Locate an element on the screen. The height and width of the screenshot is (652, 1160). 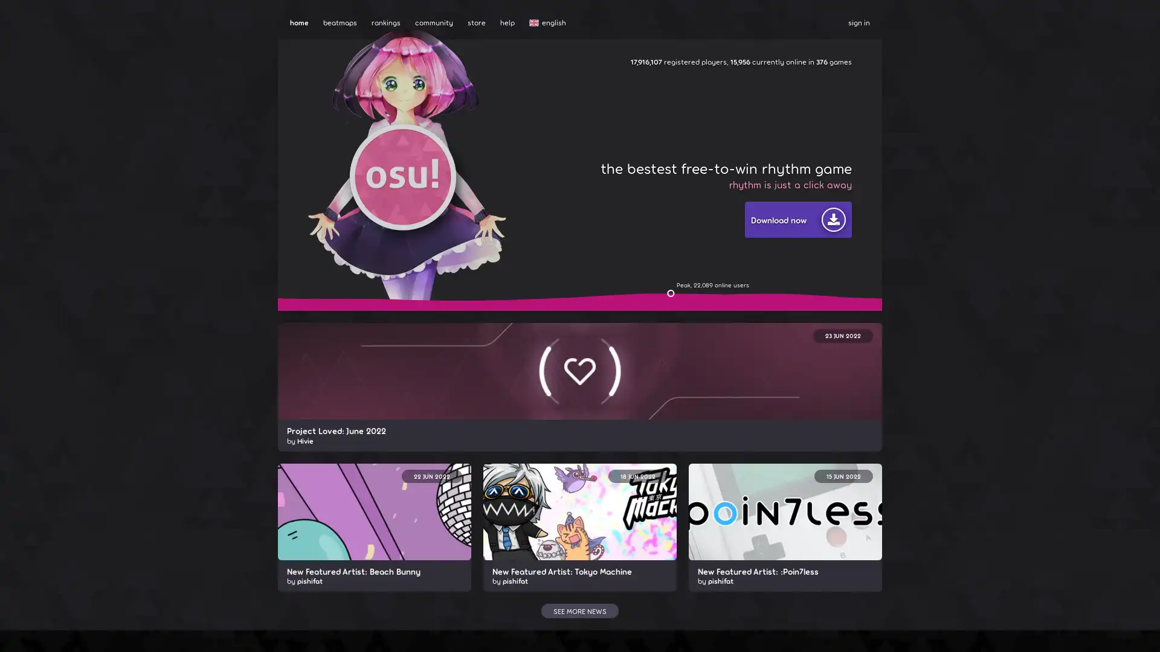
slovencina is located at coordinates (565, 391).